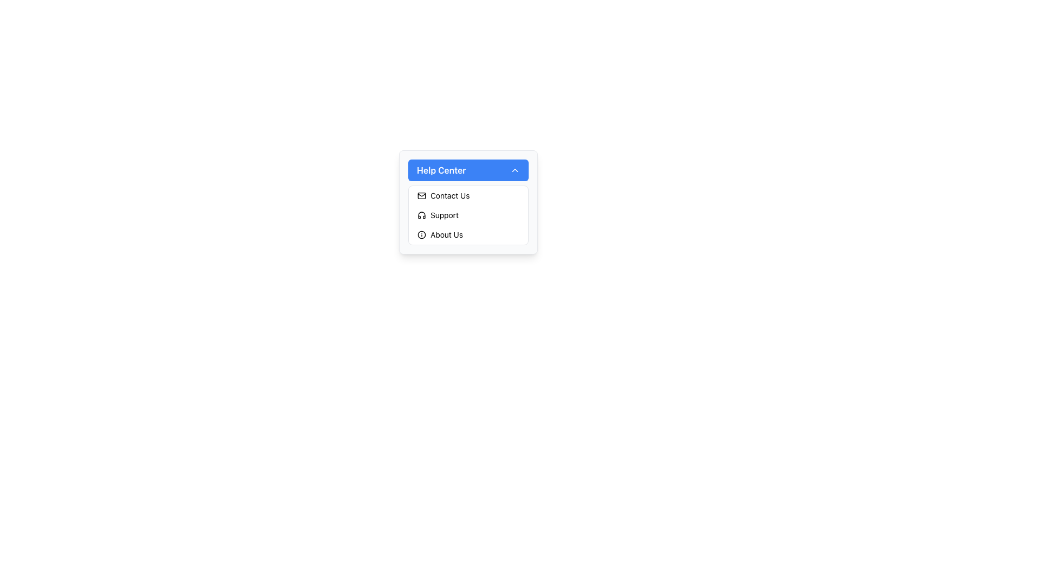 The image size is (1041, 586). I want to click on the upward-pointing chevron icon located in the blue header section of the 'Help Center' card interface, so click(515, 170).